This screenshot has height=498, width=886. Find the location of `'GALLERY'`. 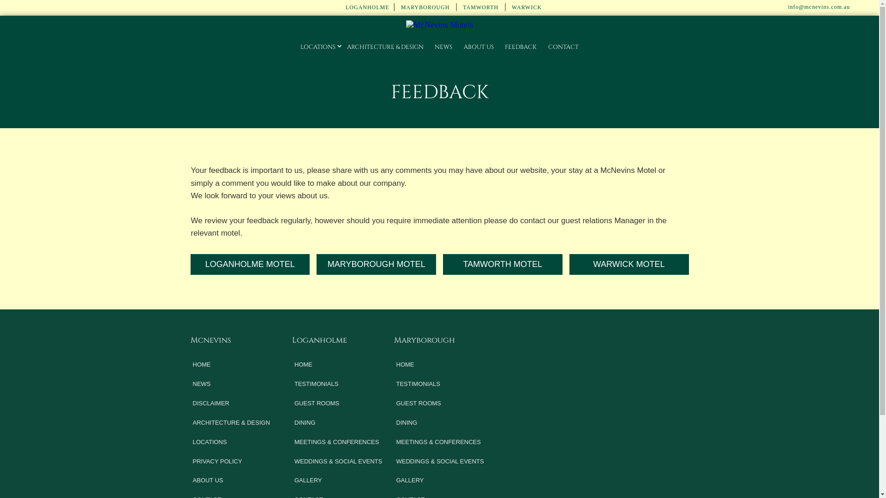

'GALLERY' is located at coordinates (445, 480).